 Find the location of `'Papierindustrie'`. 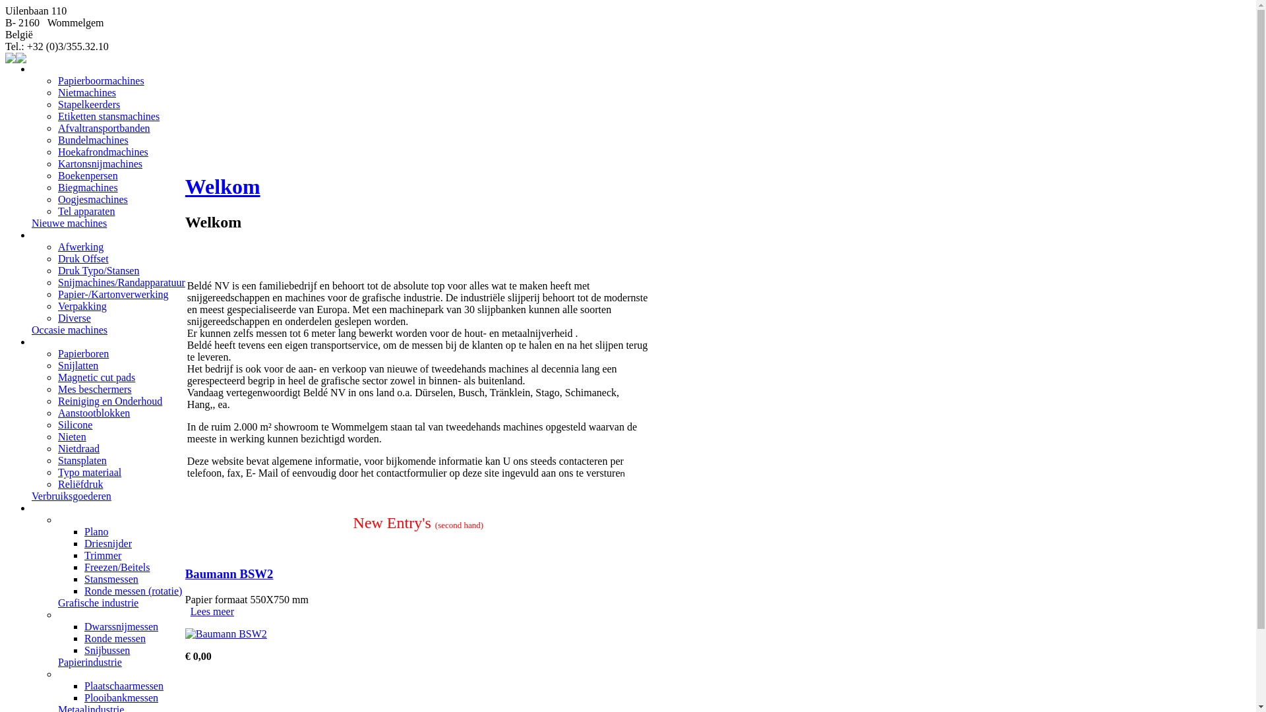

'Papierindustrie' is located at coordinates (89, 662).